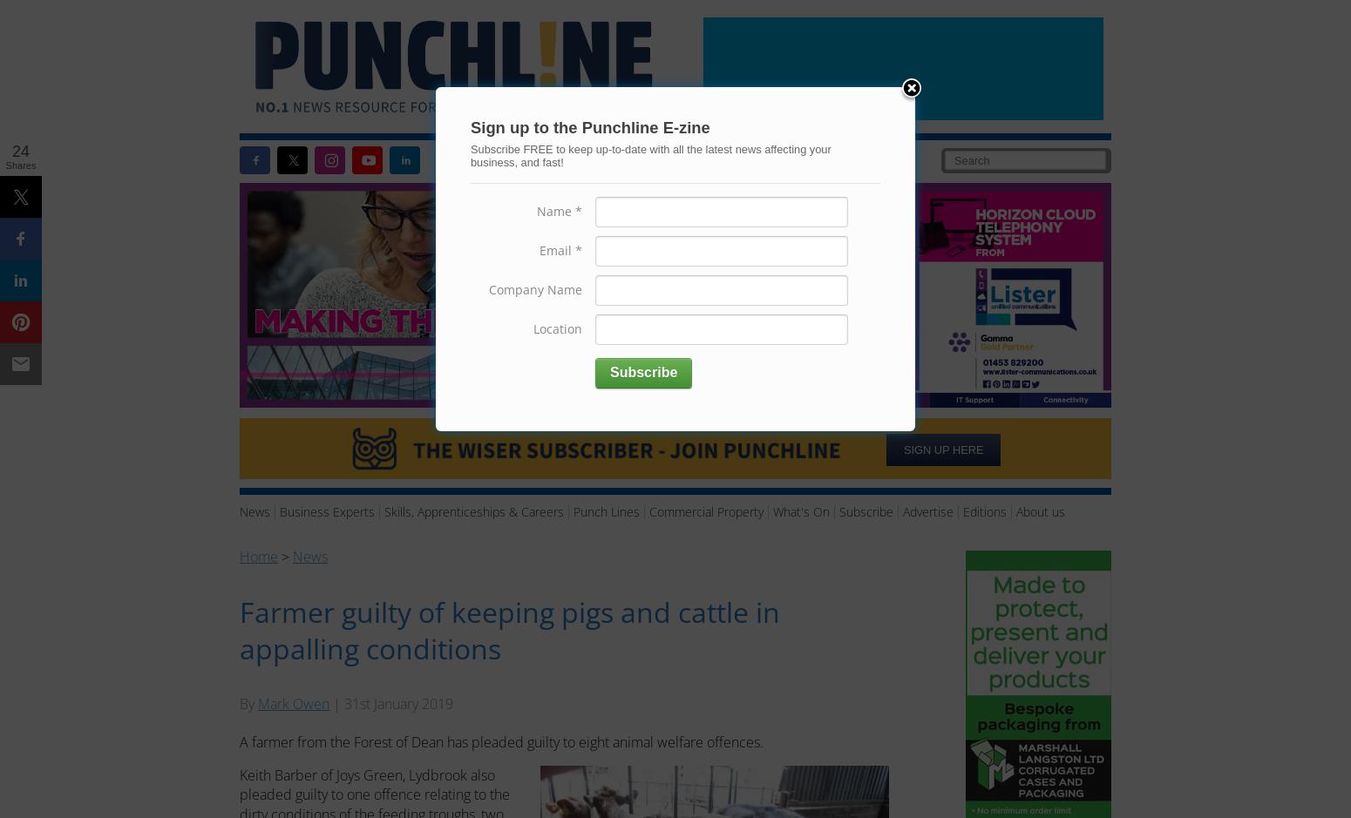  Describe the element at coordinates (605, 510) in the screenshot. I see `'Punch Lines'` at that location.